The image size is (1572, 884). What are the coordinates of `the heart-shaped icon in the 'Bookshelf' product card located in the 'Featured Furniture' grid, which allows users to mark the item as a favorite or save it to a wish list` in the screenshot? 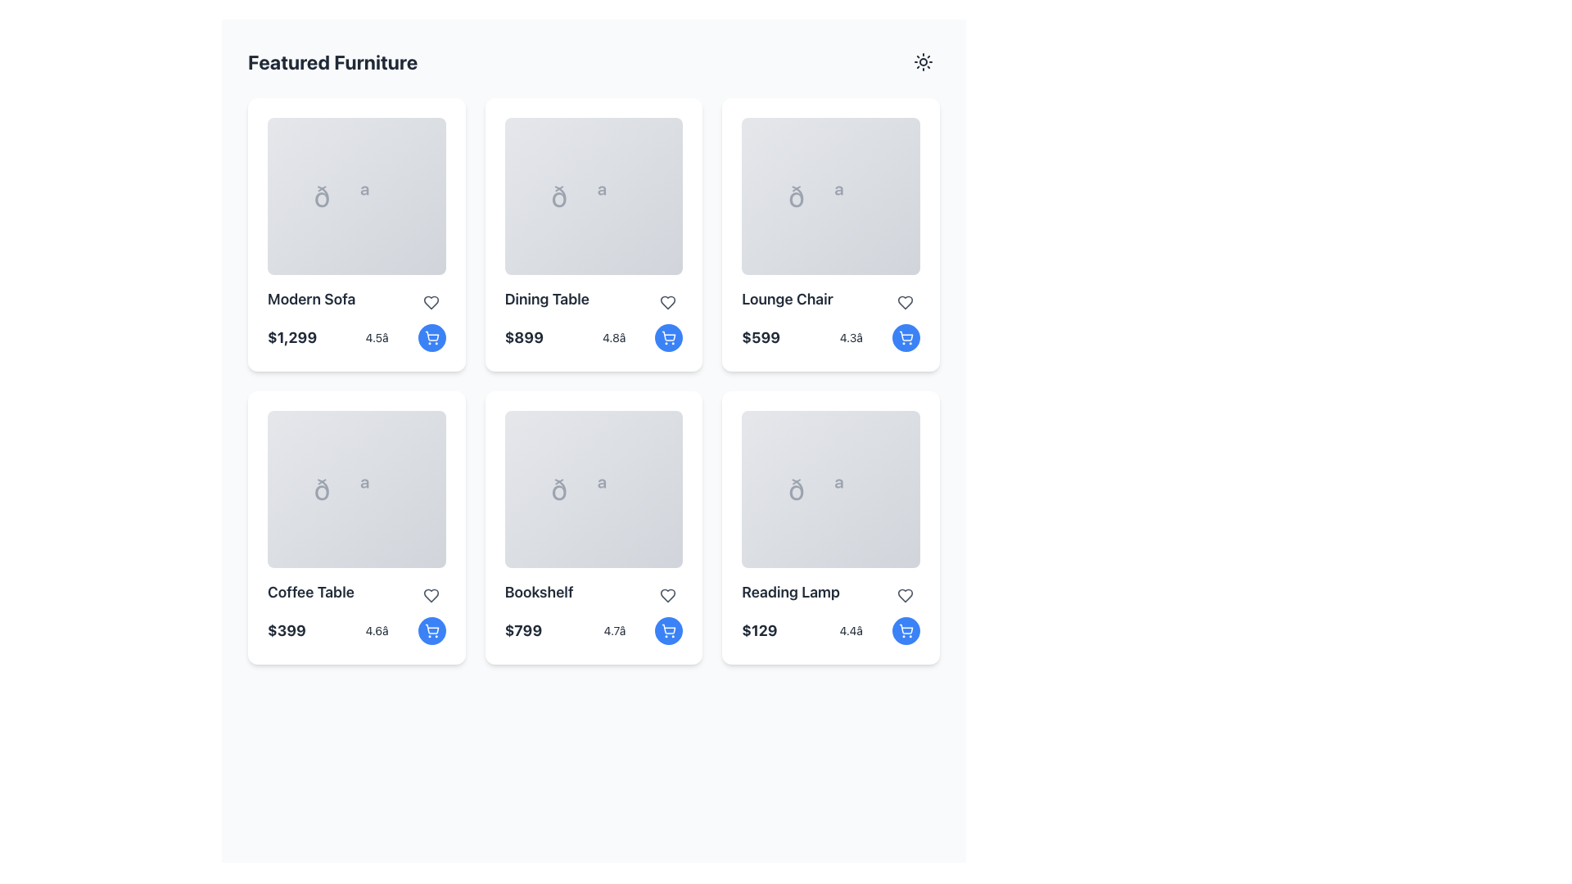 It's located at (668, 596).